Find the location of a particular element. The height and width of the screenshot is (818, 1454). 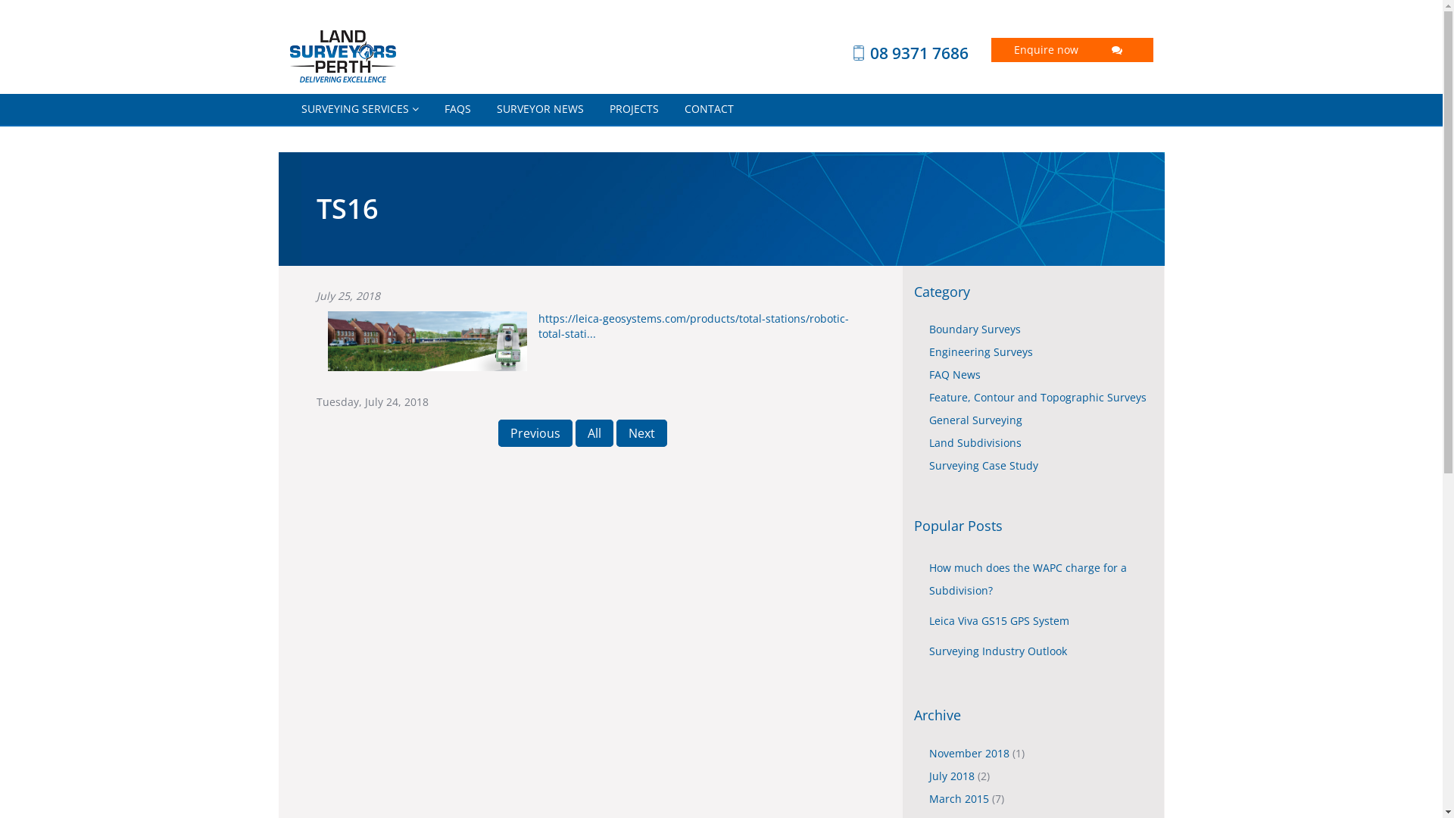

'July 2018' is located at coordinates (952, 776).